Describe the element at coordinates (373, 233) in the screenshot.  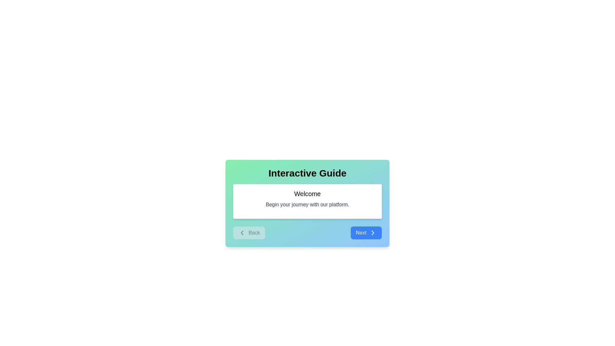
I see `the right-facing chevron arrow icon within the 'Next' button located at the bottom right of the 'Interactive Guide' dialog as a visual cue for navigation` at that location.